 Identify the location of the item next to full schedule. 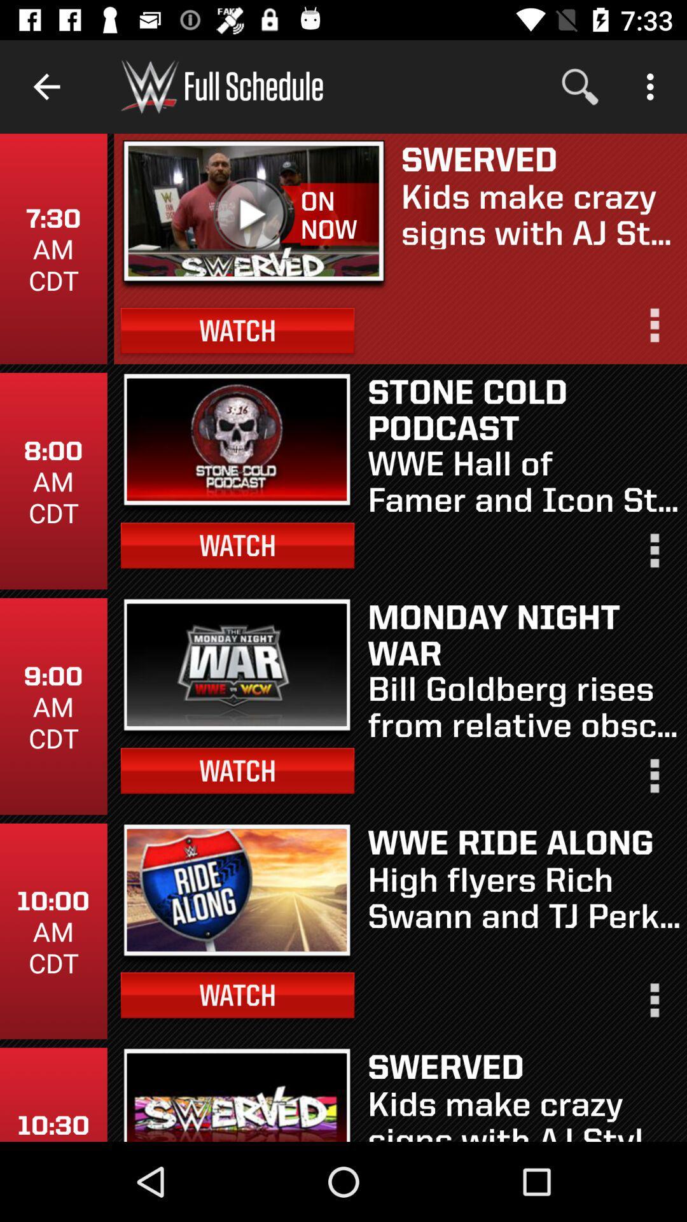
(579, 86).